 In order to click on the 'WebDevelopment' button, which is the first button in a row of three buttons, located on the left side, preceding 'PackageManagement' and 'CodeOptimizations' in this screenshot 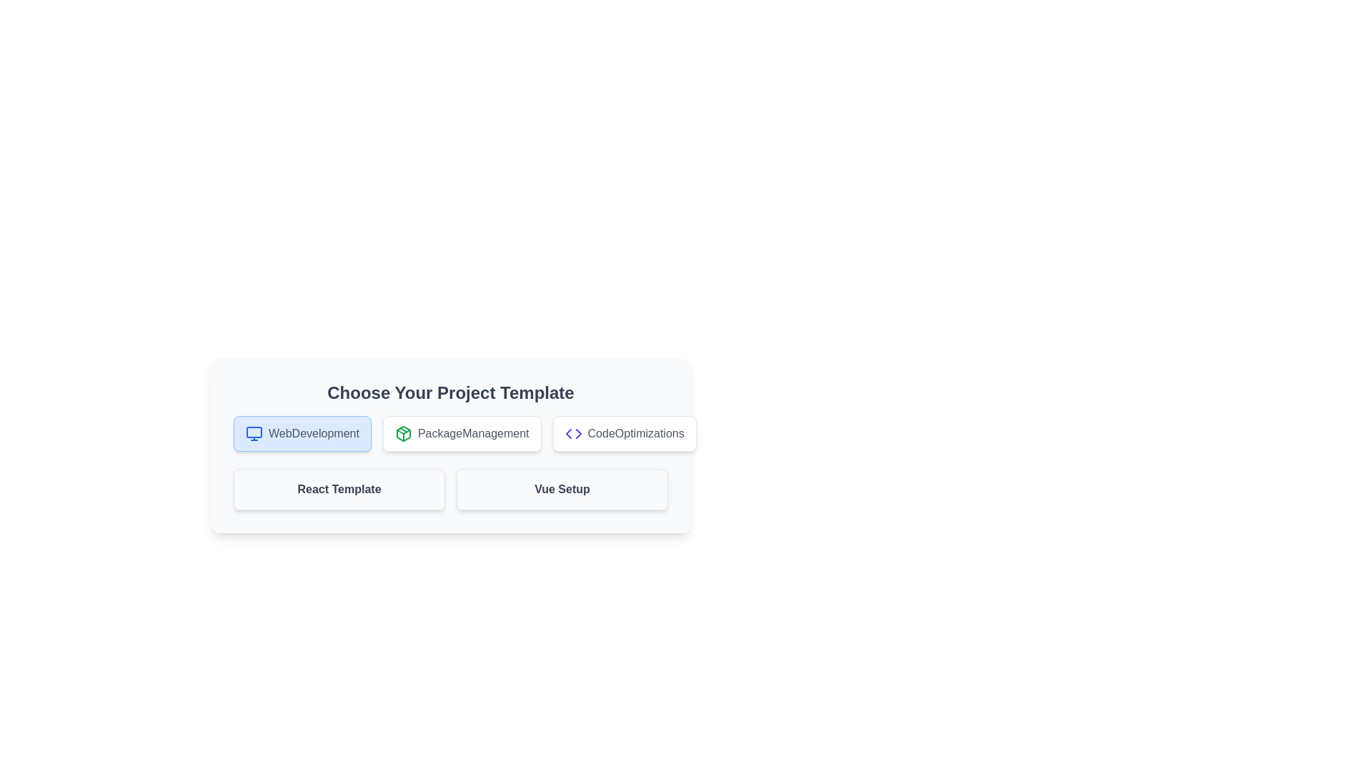, I will do `click(302, 432)`.